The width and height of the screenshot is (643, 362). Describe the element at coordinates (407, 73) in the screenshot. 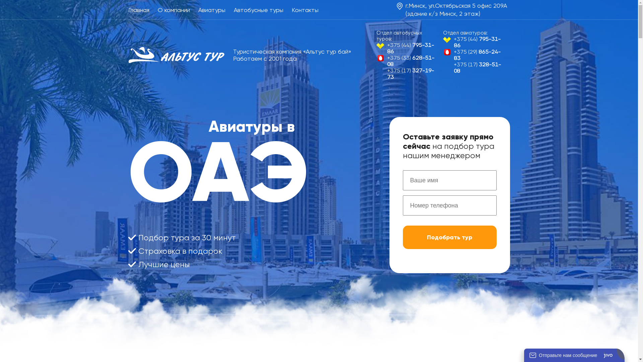

I see `'+375 (17) 327-19-73'` at that location.